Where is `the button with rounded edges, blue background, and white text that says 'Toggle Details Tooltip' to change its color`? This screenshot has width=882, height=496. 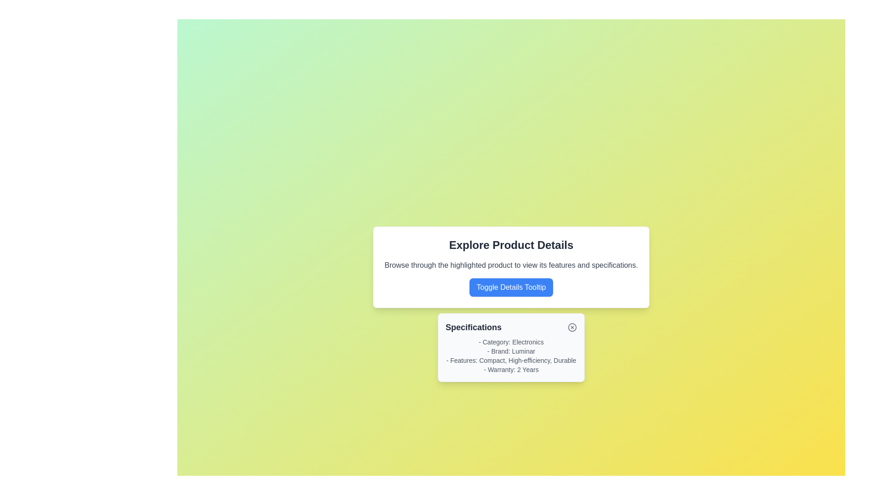 the button with rounded edges, blue background, and white text that says 'Toggle Details Tooltip' to change its color is located at coordinates (511, 287).